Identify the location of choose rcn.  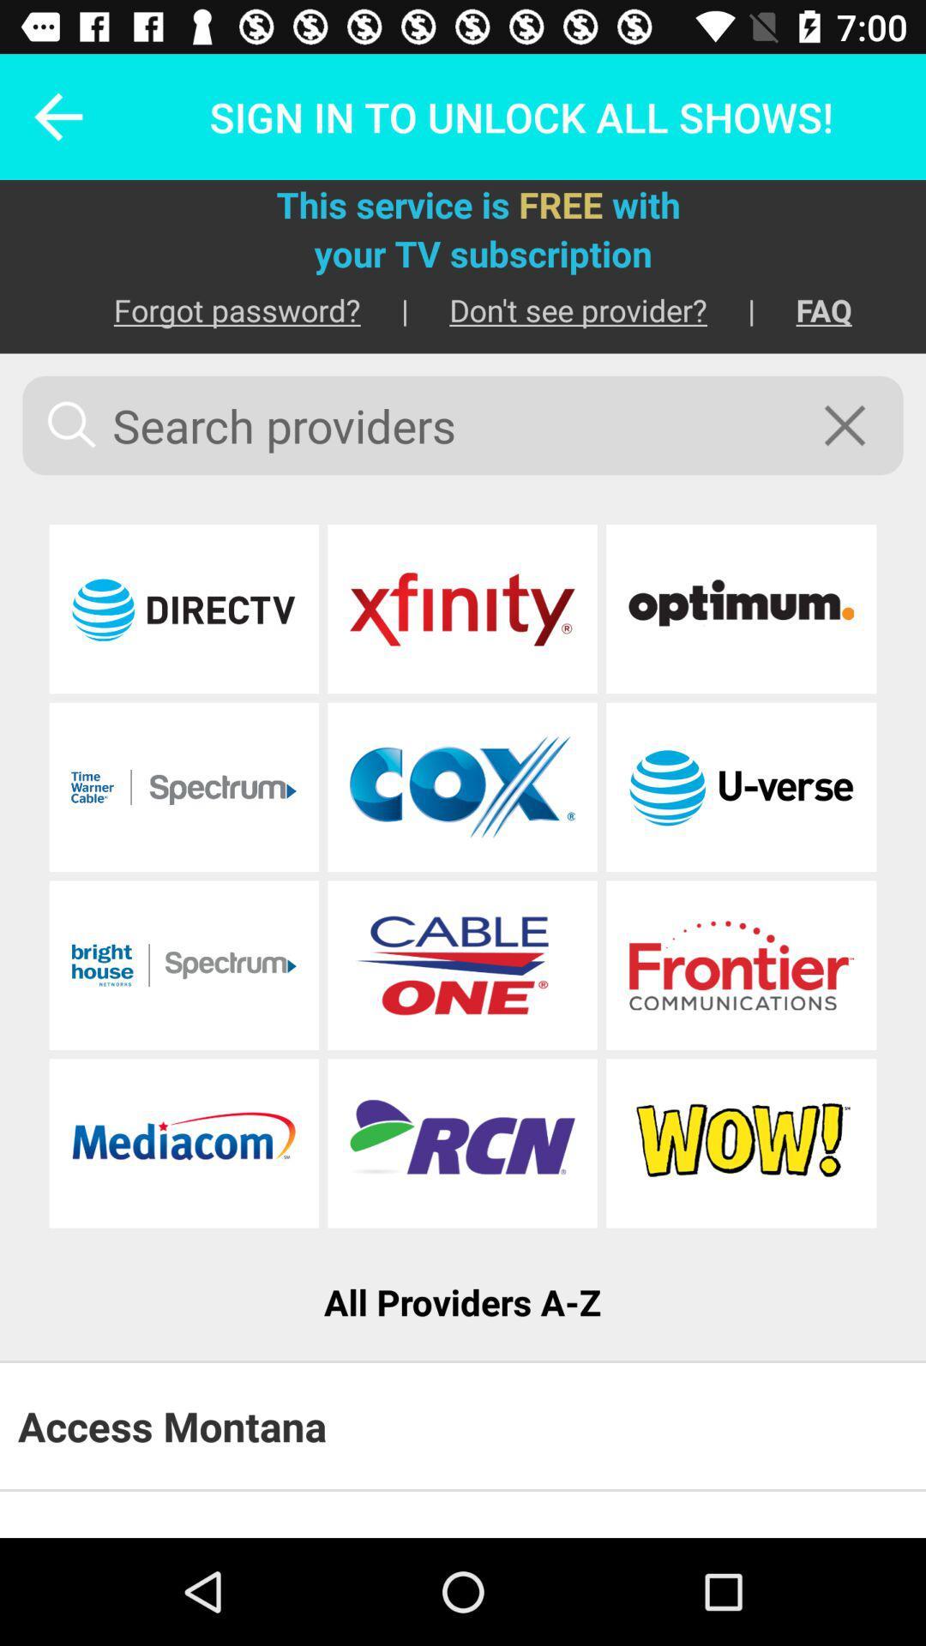
(461, 1143).